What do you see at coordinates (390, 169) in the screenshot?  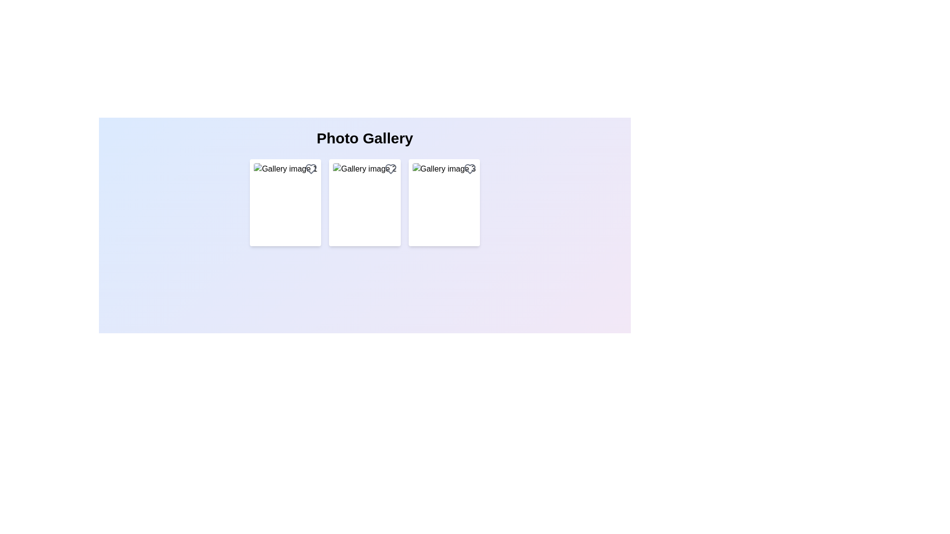 I see `the heart icon located at the top-right corner of the second gallery item in the set of three visible cards, which allows users to mark the gallery item as liked or add it to a favorites list` at bounding box center [390, 169].